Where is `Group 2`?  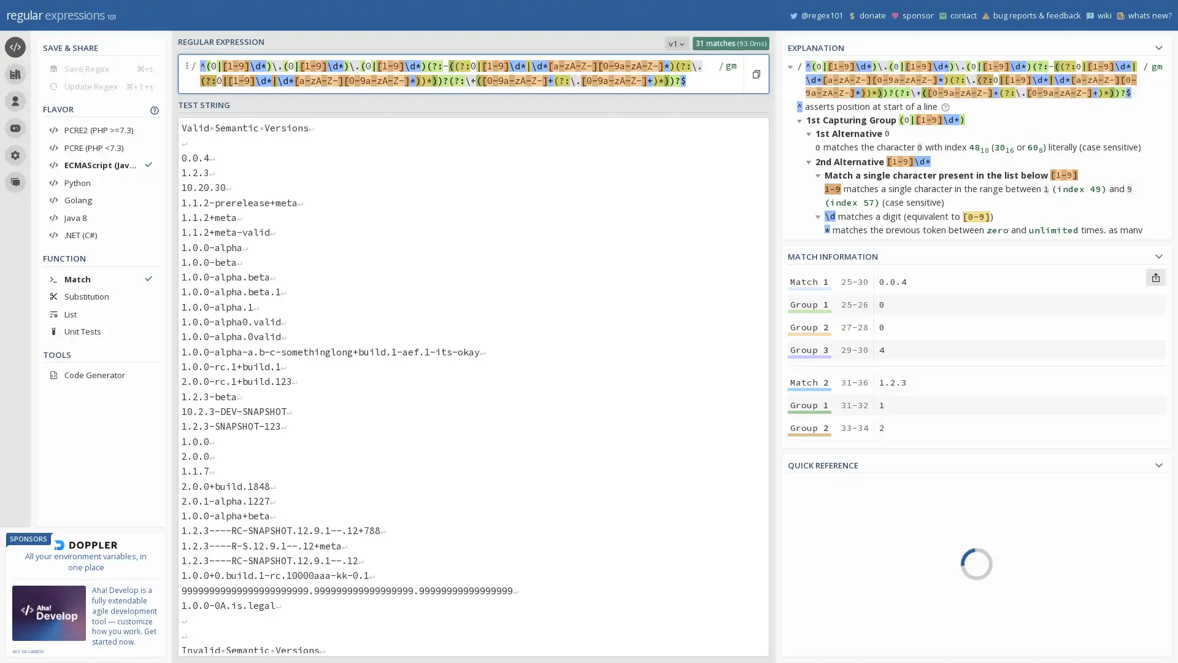 Group 2 is located at coordinates (809, 629).